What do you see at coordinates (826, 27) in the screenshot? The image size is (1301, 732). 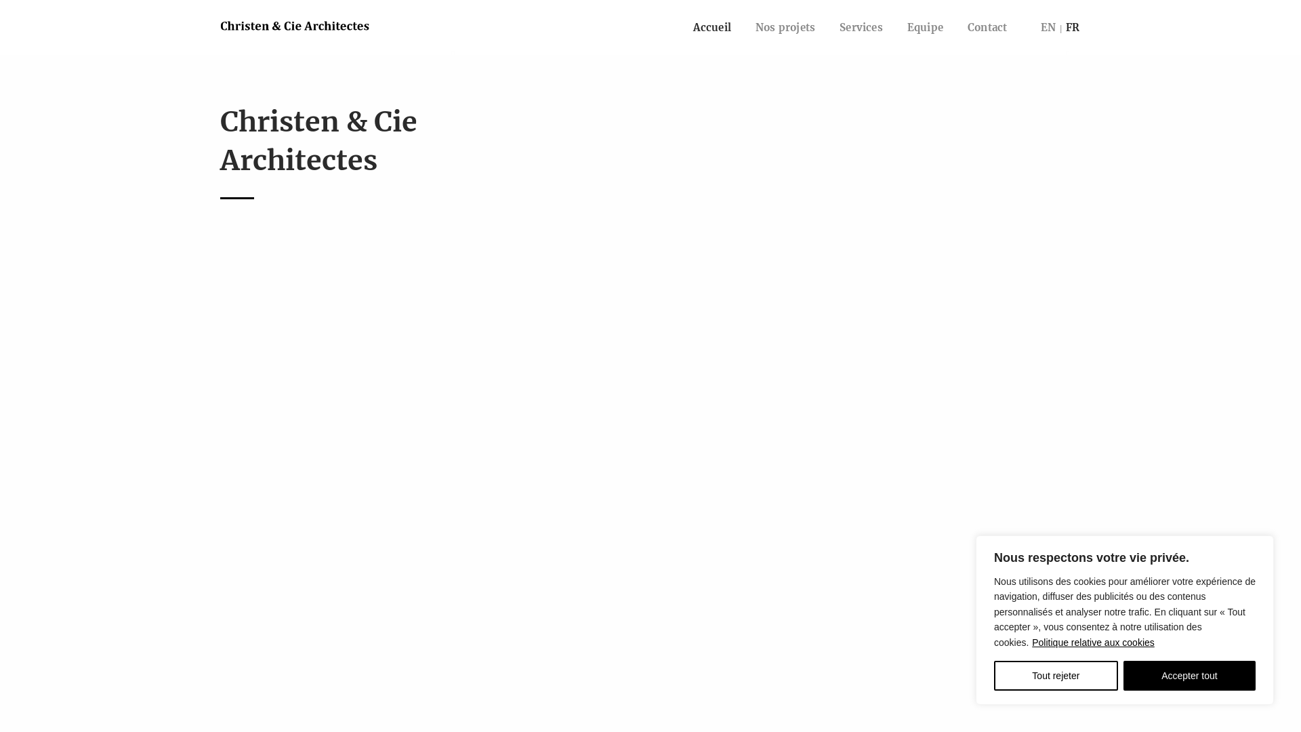 I see `'Services'` at bounding box center [826, 27].